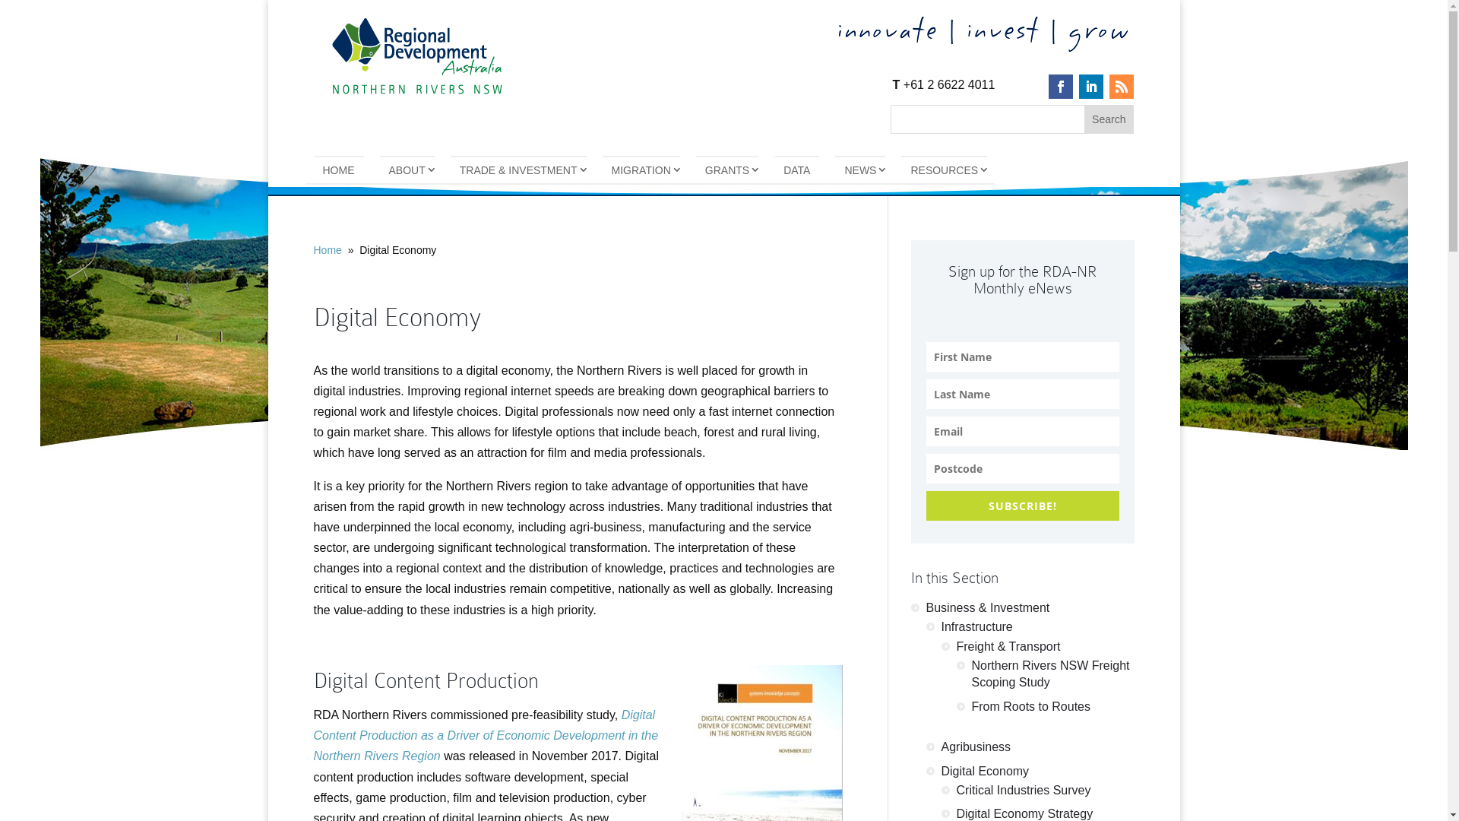 The width and height of the screenshot is (1459, 821). I want to click on 'RESOURCES', so click(943, 170).